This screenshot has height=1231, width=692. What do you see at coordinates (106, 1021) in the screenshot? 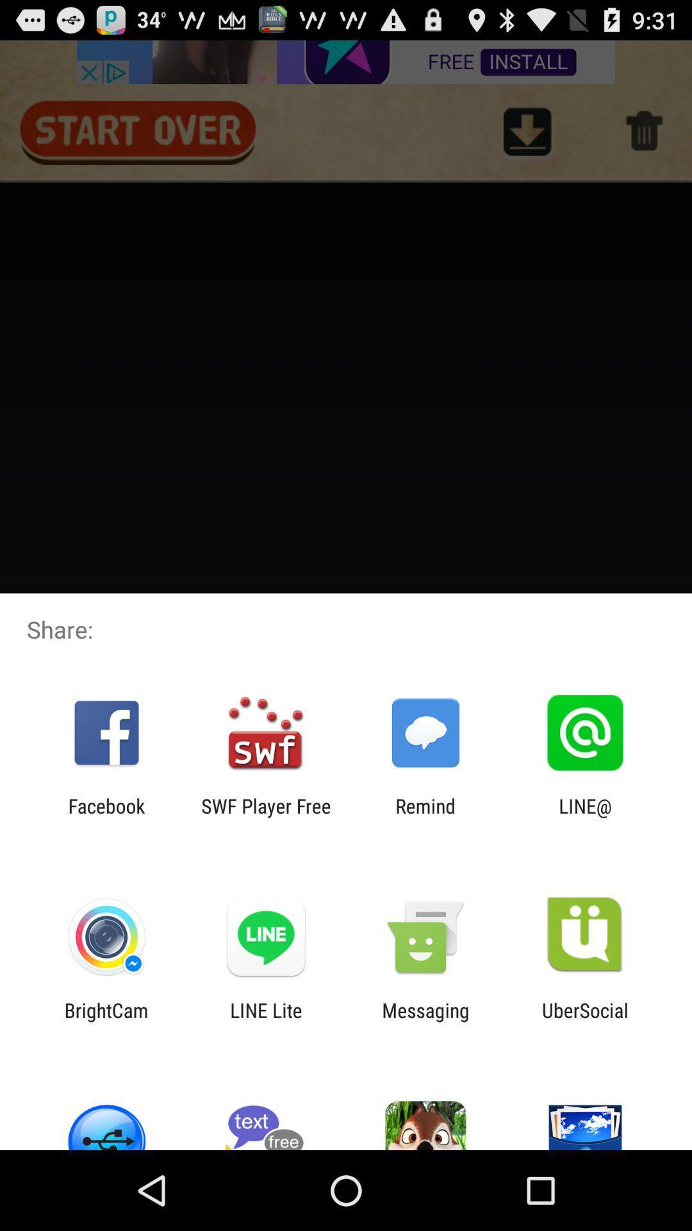
I see `the brightcam icon` at bounding box center [106, 1021].